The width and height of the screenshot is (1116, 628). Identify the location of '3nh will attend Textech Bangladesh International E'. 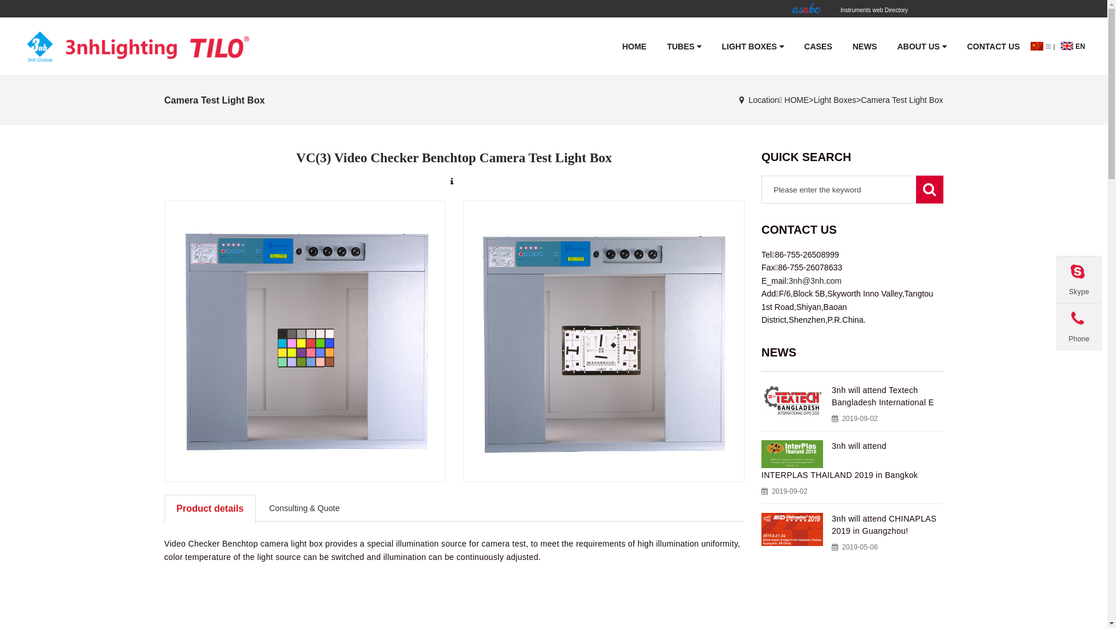
(831, 395).